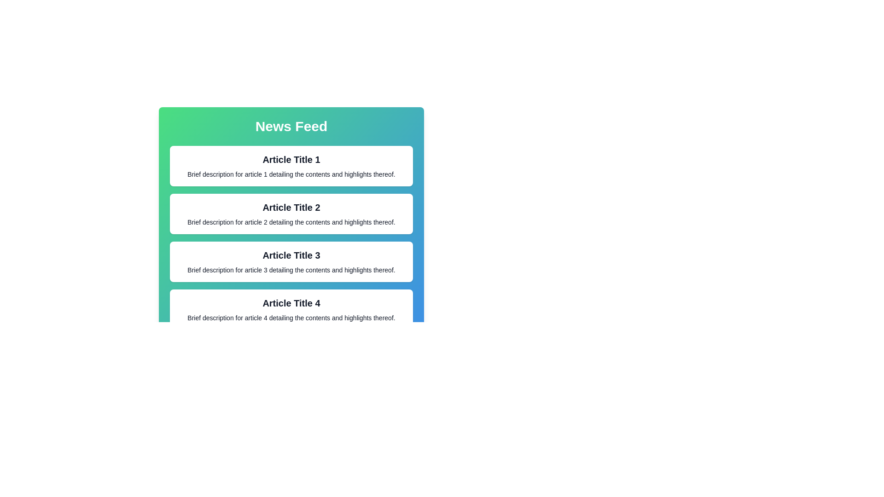  What do you see at coordinates (291, 214) in the screenshot?
I see `the Information Card displaying a title and summary, which is the second card in a vertically stacked list located in the central region of the interface` at bounding box center [291, 214].